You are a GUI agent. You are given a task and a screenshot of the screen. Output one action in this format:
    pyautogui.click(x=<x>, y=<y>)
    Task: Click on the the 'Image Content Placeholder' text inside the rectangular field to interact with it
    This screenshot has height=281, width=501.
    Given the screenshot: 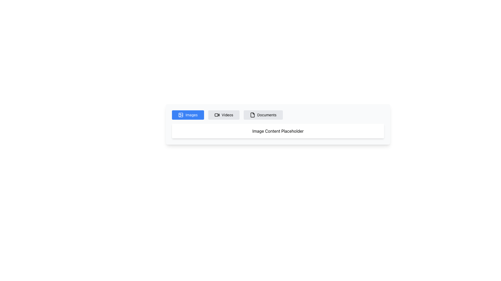 What is the action you would take?
    pyautogui.click(x=278, y=131)
    